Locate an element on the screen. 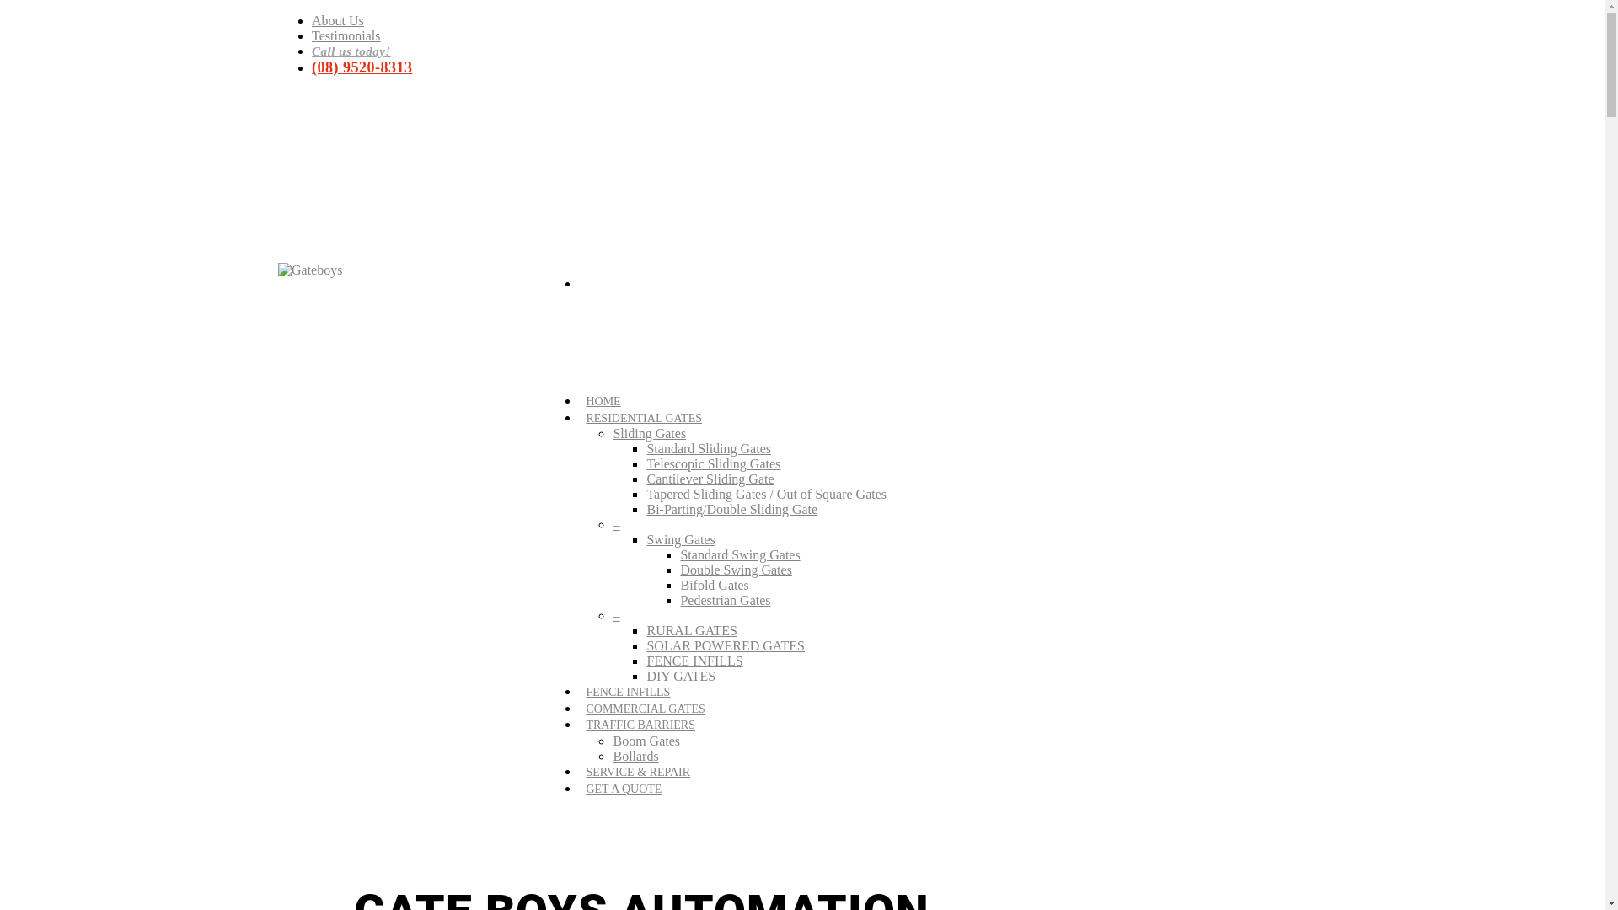  'Double Swing Gates' is located at coordinates (736, 569).